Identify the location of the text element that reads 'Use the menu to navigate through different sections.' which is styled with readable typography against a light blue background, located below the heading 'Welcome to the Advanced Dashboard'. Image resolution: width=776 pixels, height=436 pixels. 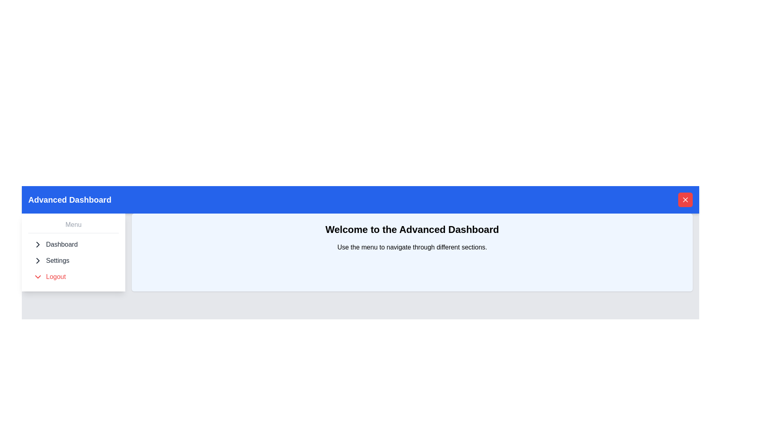
(412, 247).